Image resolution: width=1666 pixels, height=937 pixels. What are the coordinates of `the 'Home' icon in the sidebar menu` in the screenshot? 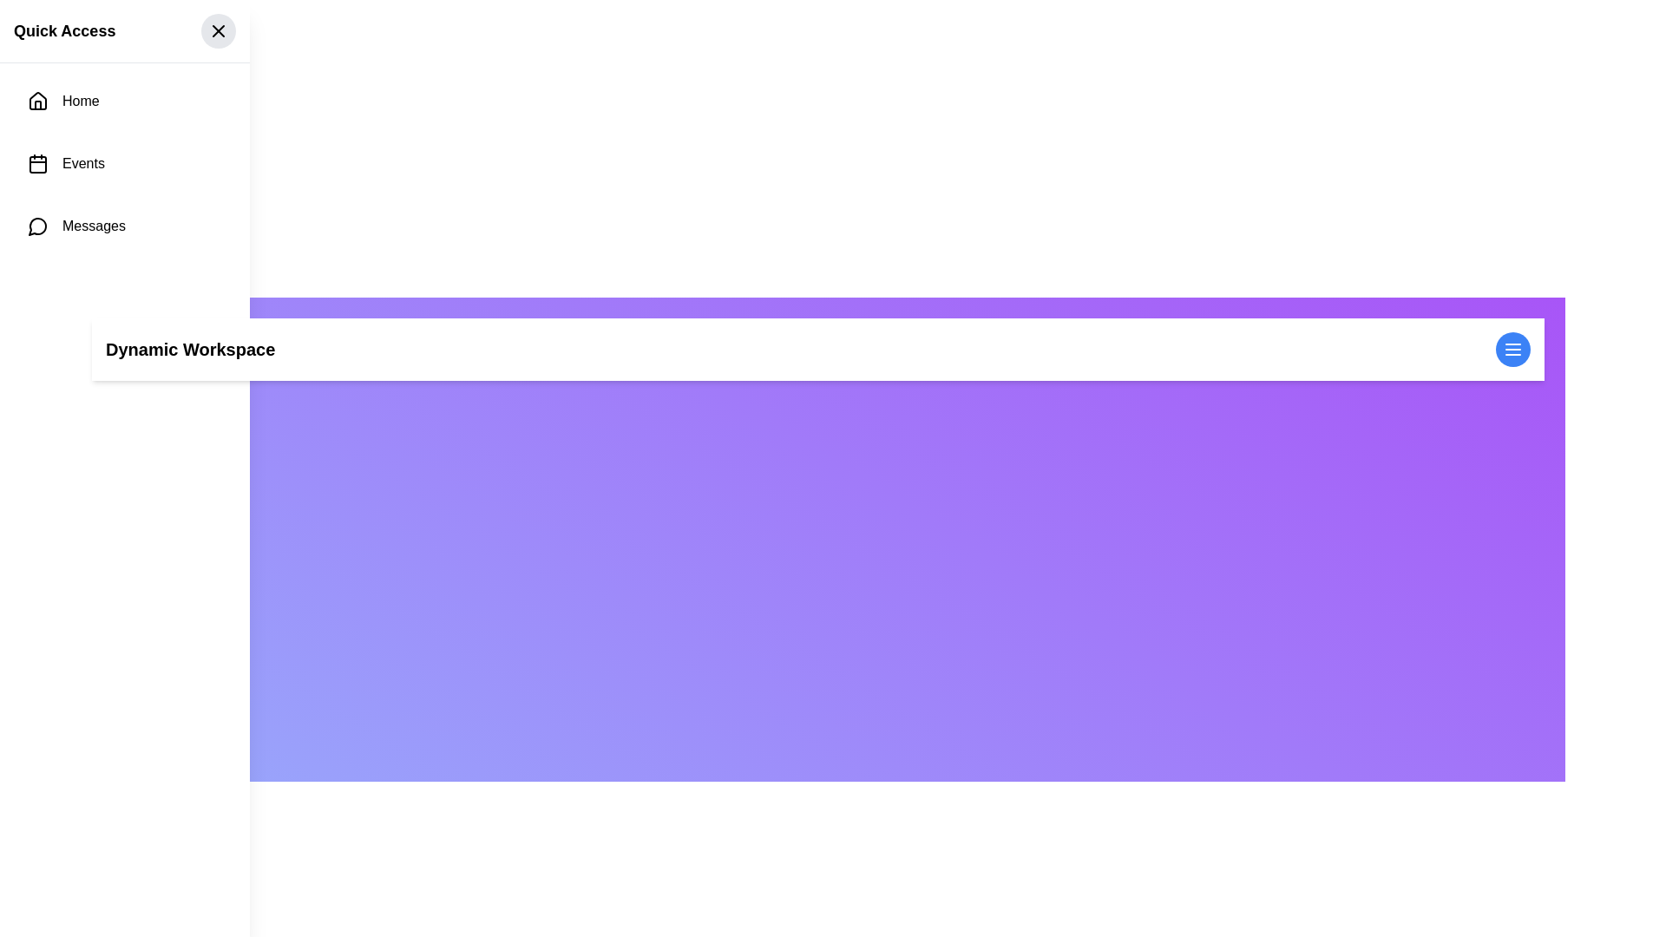 It's located at (37, 100).